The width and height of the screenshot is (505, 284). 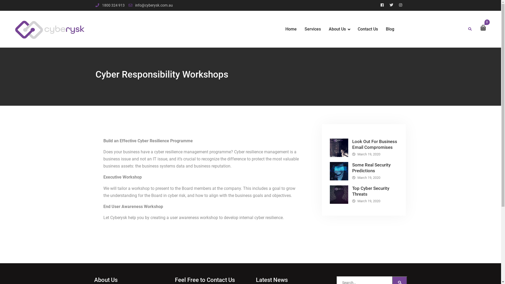 What do you see at coordinates (313, 29) in the screenshot?
I see `'Services'` at bounding box center [313, 29].